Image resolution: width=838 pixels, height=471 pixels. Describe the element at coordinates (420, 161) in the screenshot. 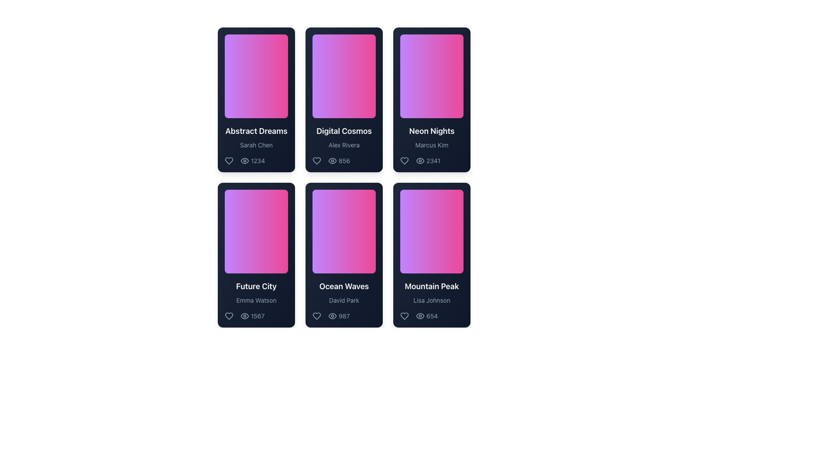

I see `number '2341' displayed beside the eye icon in the top-right section of the card beneath the 'Neon Nights' title` at that location.